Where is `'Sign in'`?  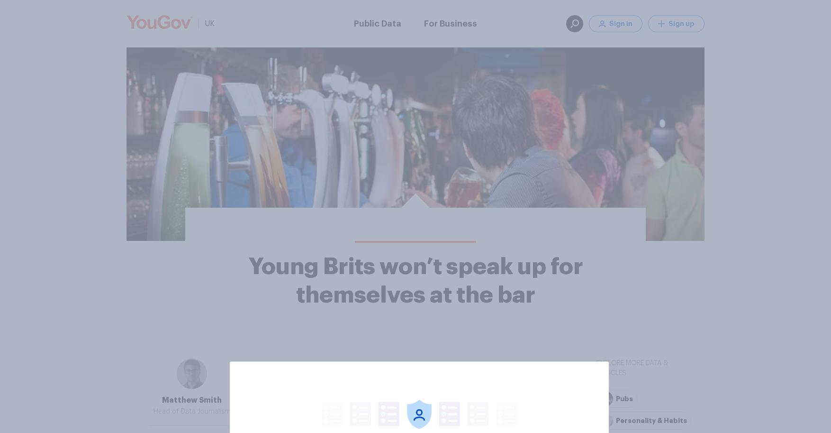
'Sign in' is located at coordinates (621, 23).